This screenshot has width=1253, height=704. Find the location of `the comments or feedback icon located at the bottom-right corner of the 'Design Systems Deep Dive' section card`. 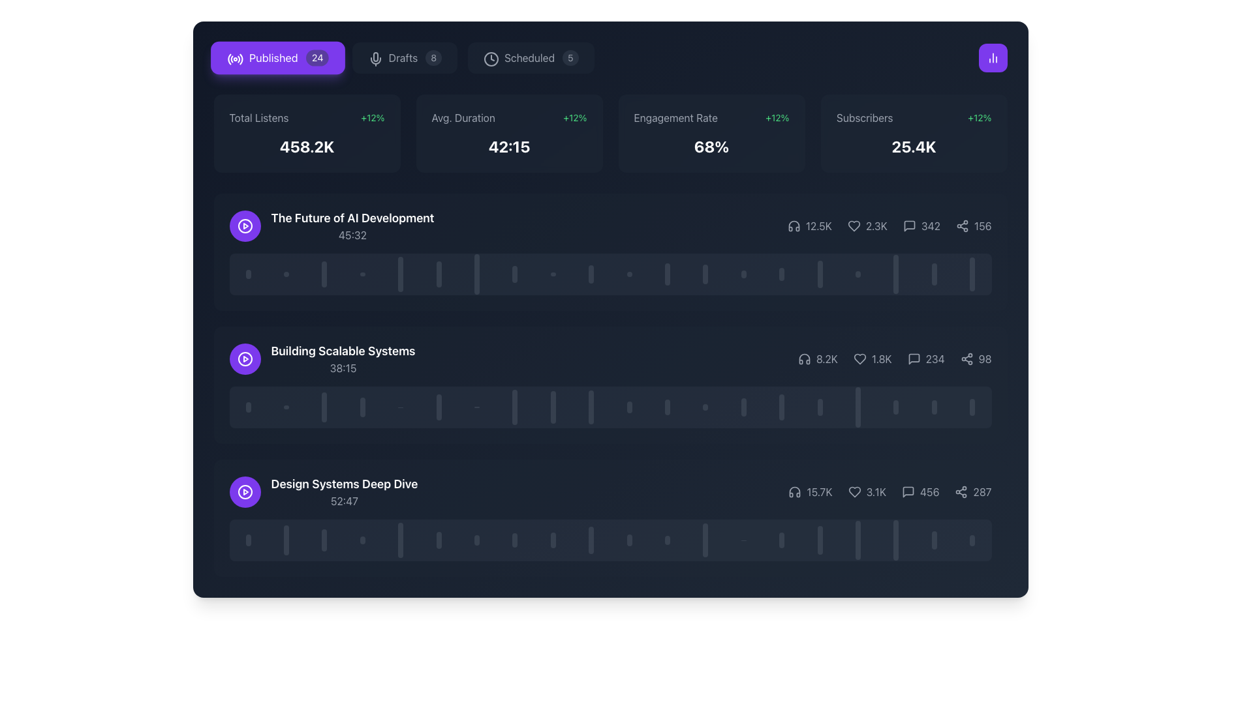

the comments or feedback icon located at the bottom-right corner of the 'Design Systems Deep Dive' section card is located at coordinates (908, 492).